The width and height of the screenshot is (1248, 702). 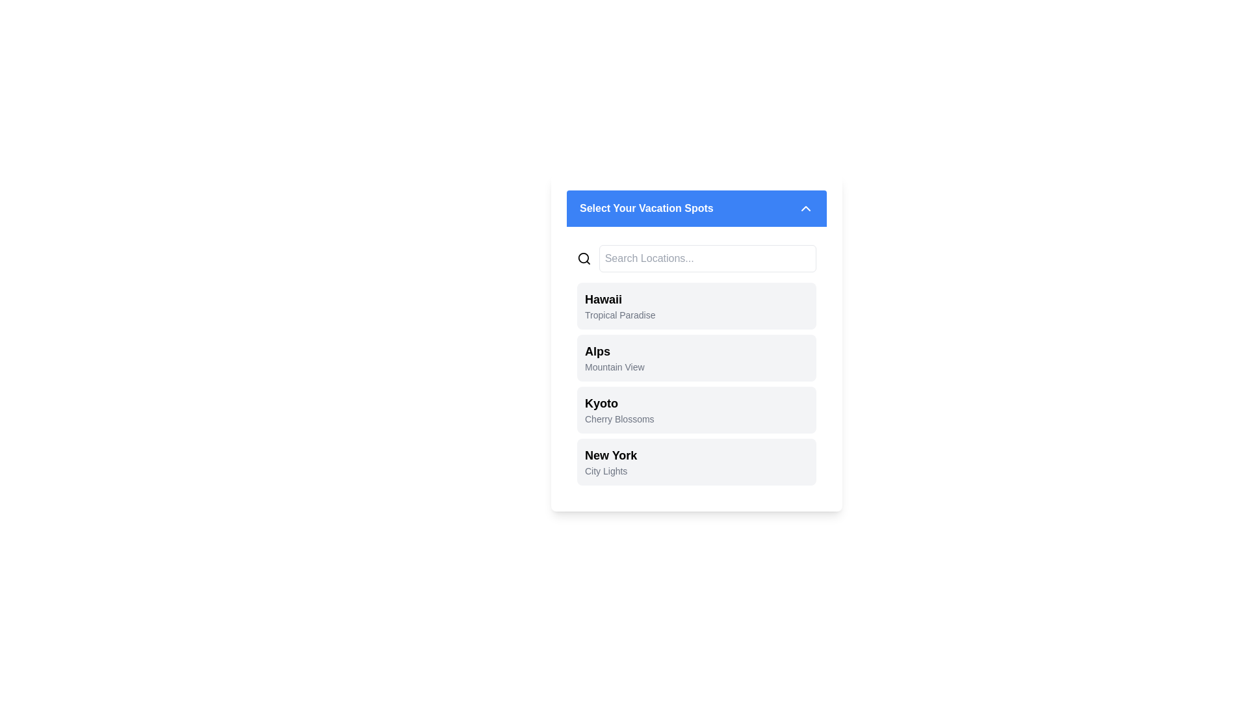 What do you see at coordinates (610, 461) in the screenshot?
I see `the text label pairing that displays 'New York' as the title and 'City Lights' as the subtitle, which is the fourth item in a vertical list of location elements` at bounding box center [610, 461].